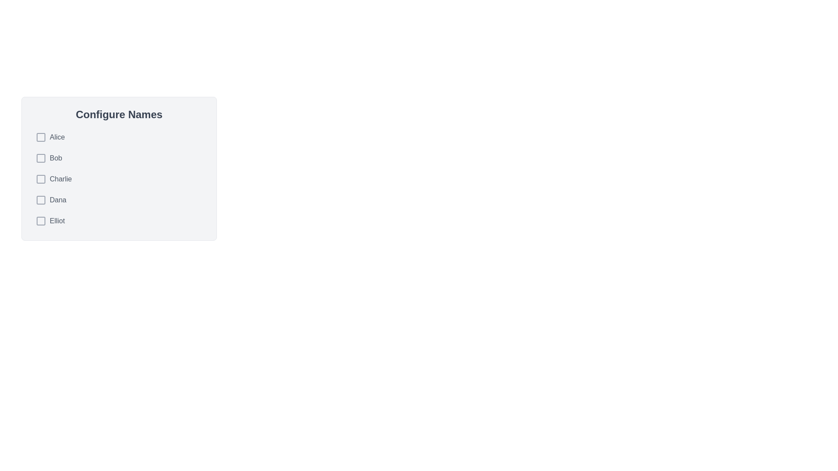  What do you see at coordinates (41, 137) in the screenshot?
I see `the checkbox element adjacent to the text label 'Alice', located at the top-left of the list under the header 'Configure Names'` at bounding box center [41, 137].